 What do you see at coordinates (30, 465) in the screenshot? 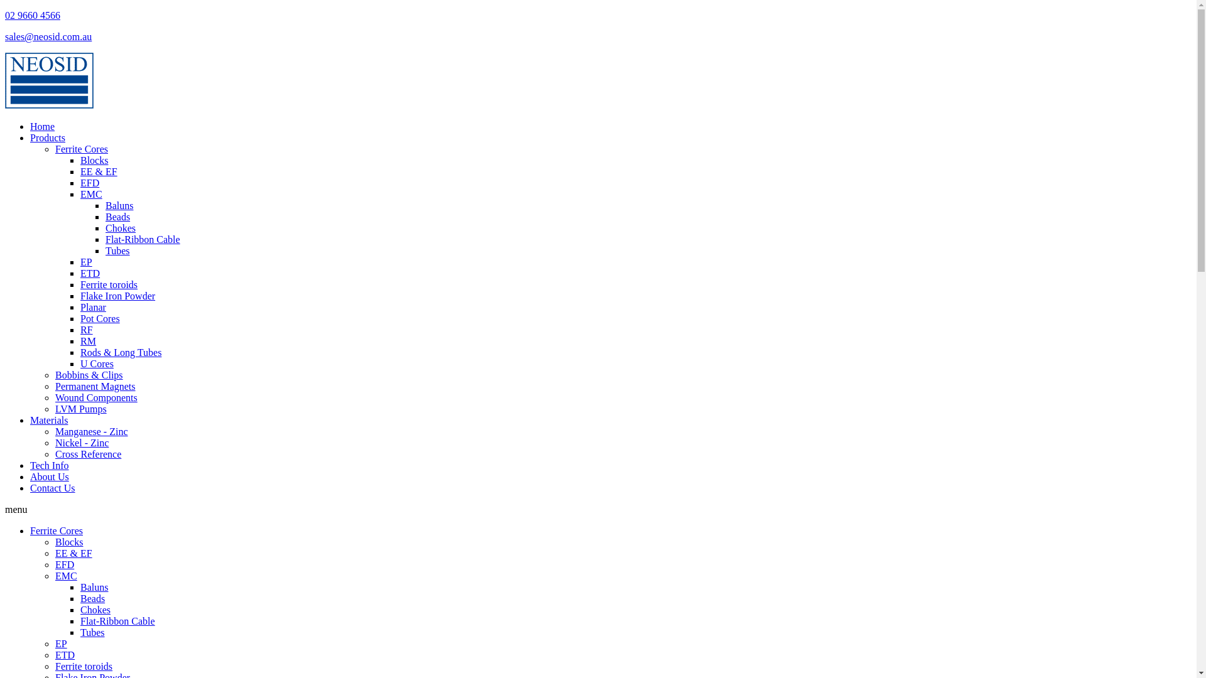
I see `'Tech Info'` at bounding box center [30, 465].